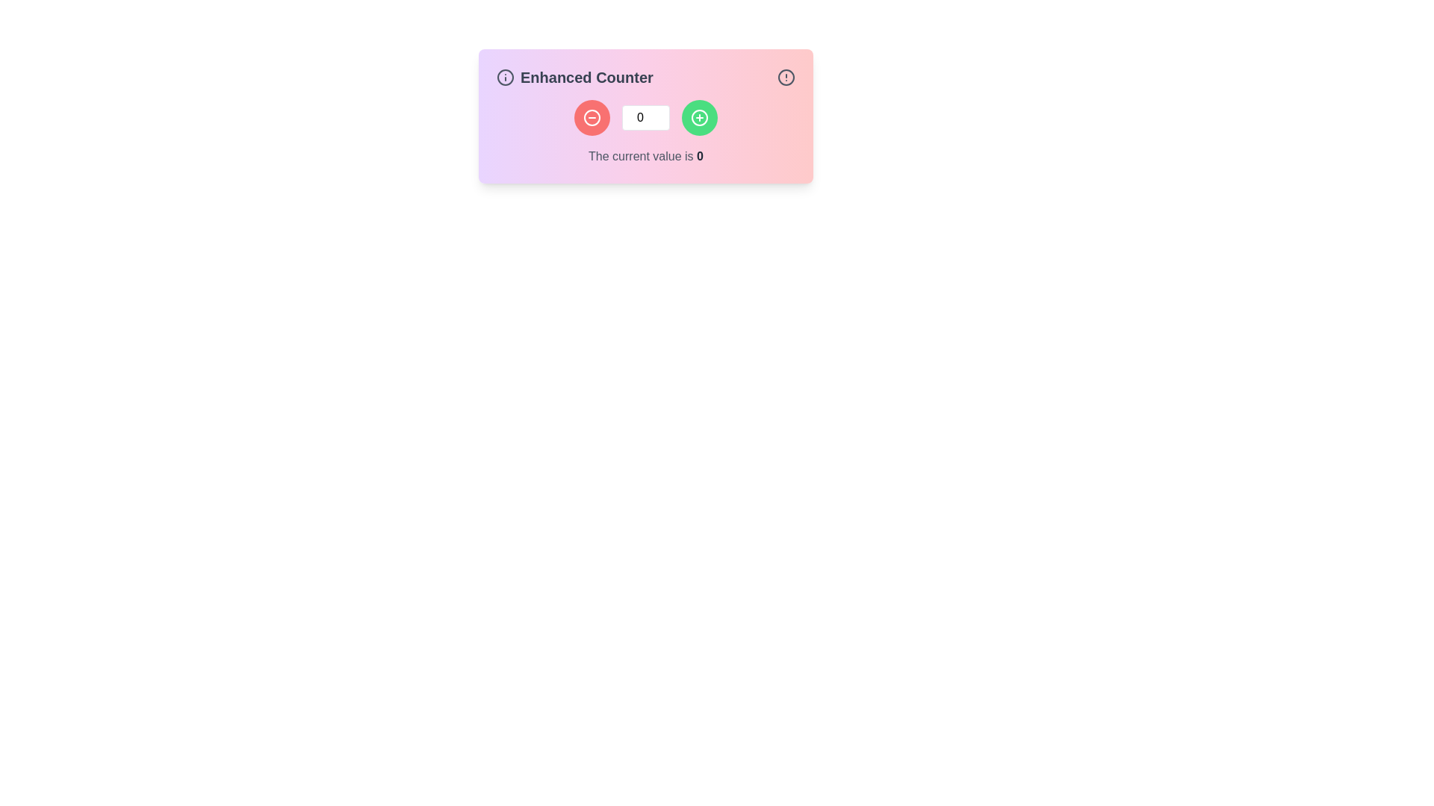 Image resolution: width=1434 pixels, height=806 pixels. I want to click on the circular green button with a white plus icon, located to the right of the numeric input field in the 'Enhanced Counter' interface, so click(698, 117).